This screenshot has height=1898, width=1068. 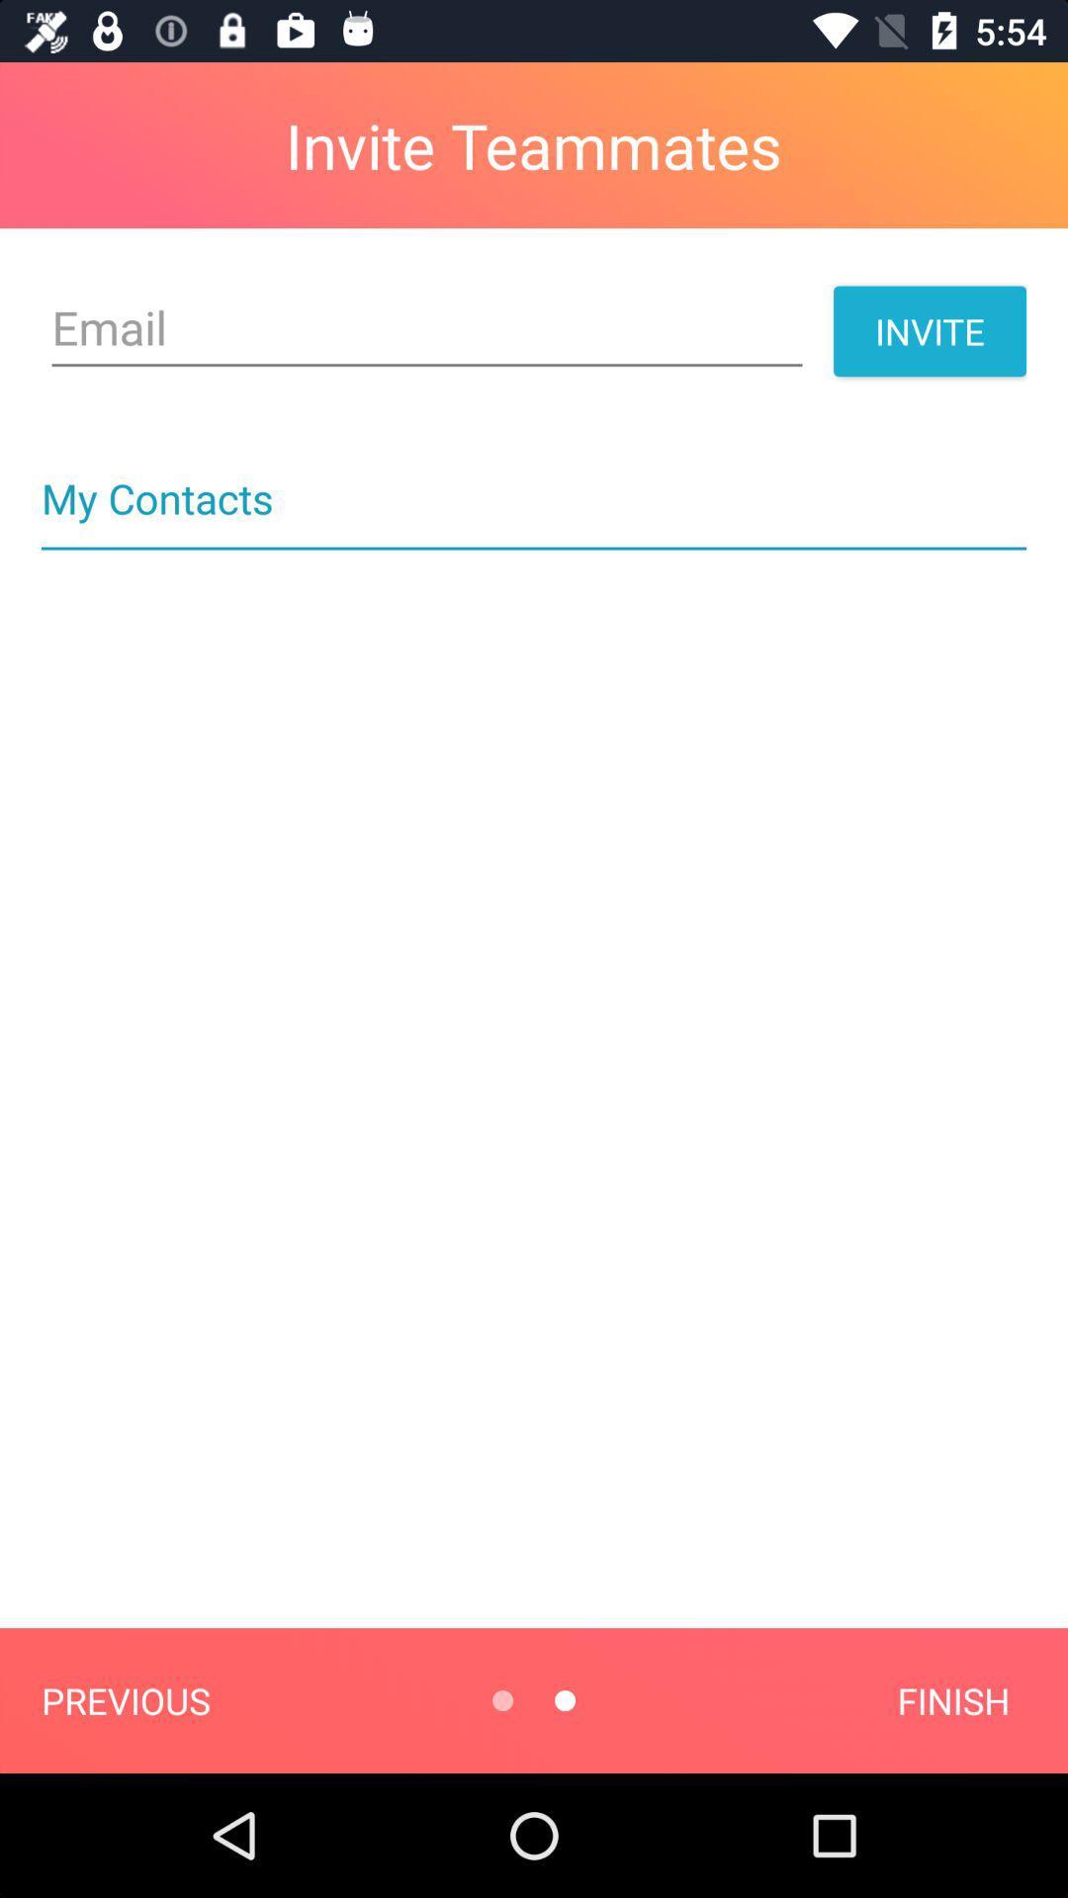 What do you see at coordinates (426, 328) in the screenshot?
I see `the item to the left of invite icon` at bounding box center [426, 328].